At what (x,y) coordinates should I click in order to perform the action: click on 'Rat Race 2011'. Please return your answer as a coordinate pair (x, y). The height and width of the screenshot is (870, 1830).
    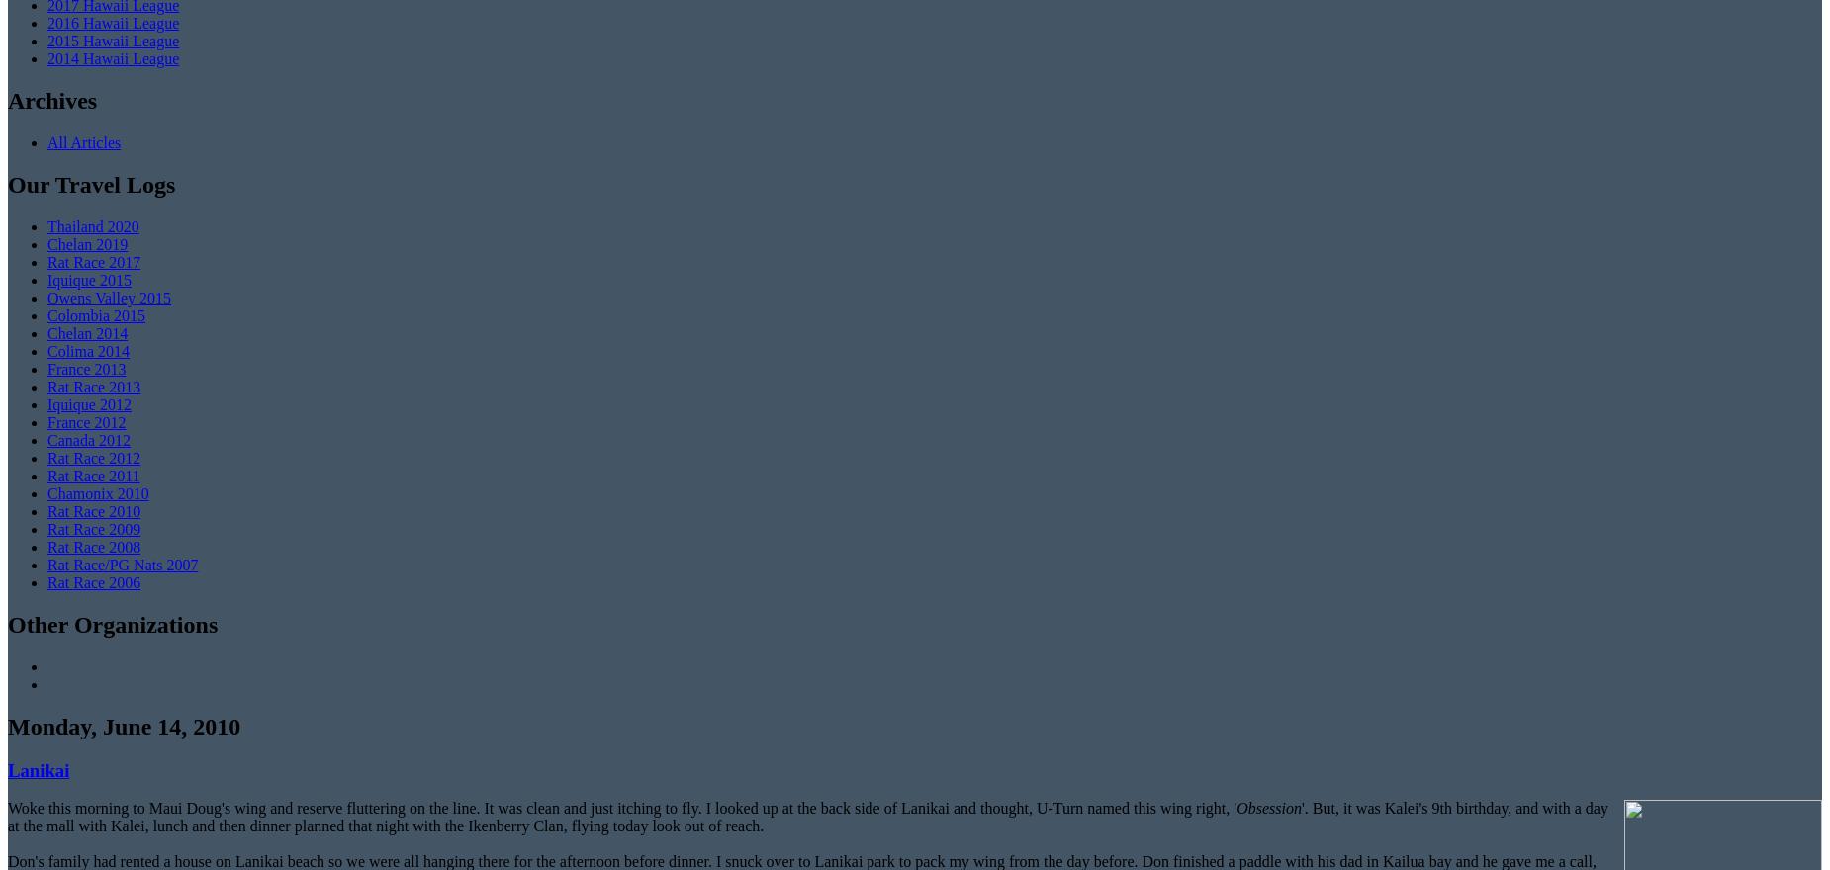
    Looking at the image, I should click on (92, 476).